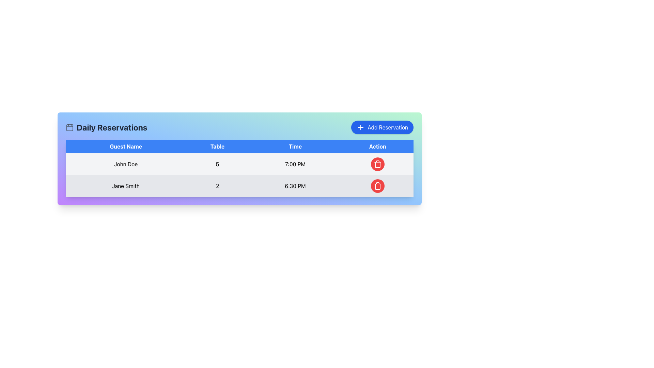  I want to click on the static text display element showing the table number assigned to guest 'John Doe' in the 'Daily Reservations' table, located in the second cell of the first data row under the 'Table' column, so click(217, 164).